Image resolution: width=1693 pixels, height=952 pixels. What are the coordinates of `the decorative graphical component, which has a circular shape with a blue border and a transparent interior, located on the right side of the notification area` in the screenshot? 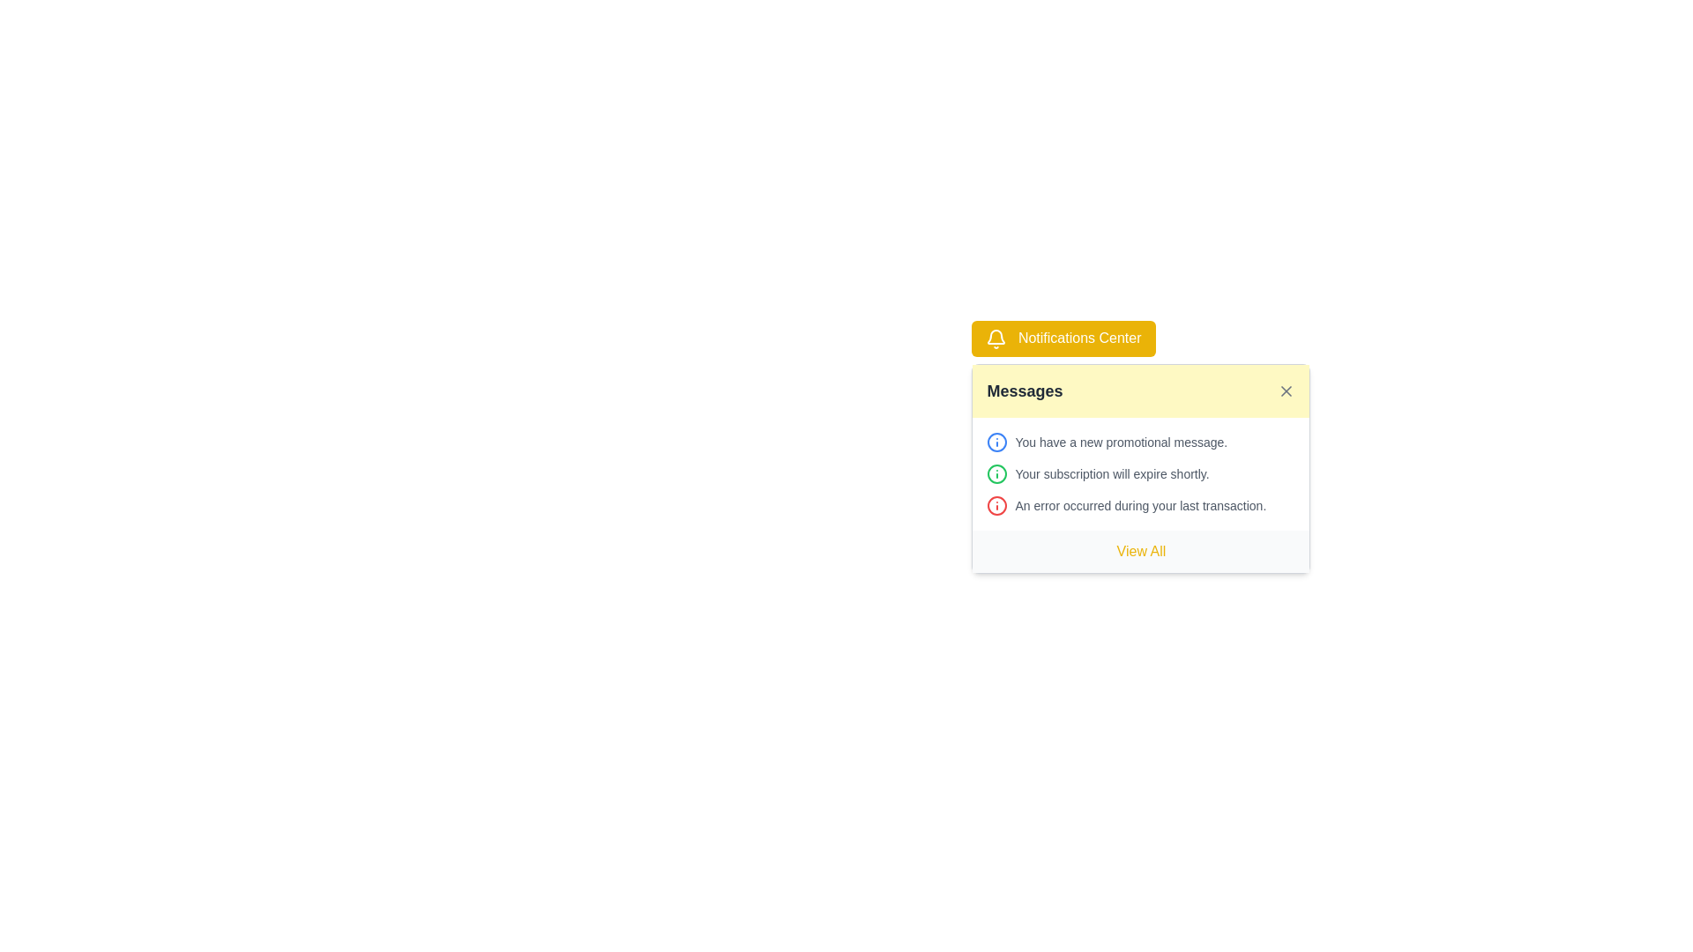 It's located at (997, 441).